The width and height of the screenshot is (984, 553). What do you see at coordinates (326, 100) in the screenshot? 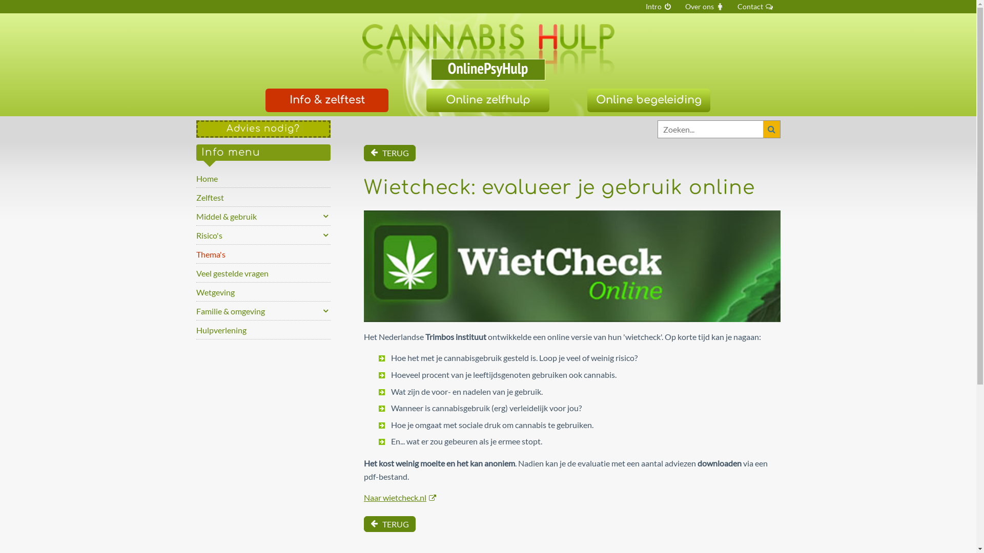
I see `'Info & zelftest'` at bounding box center [326, 100].